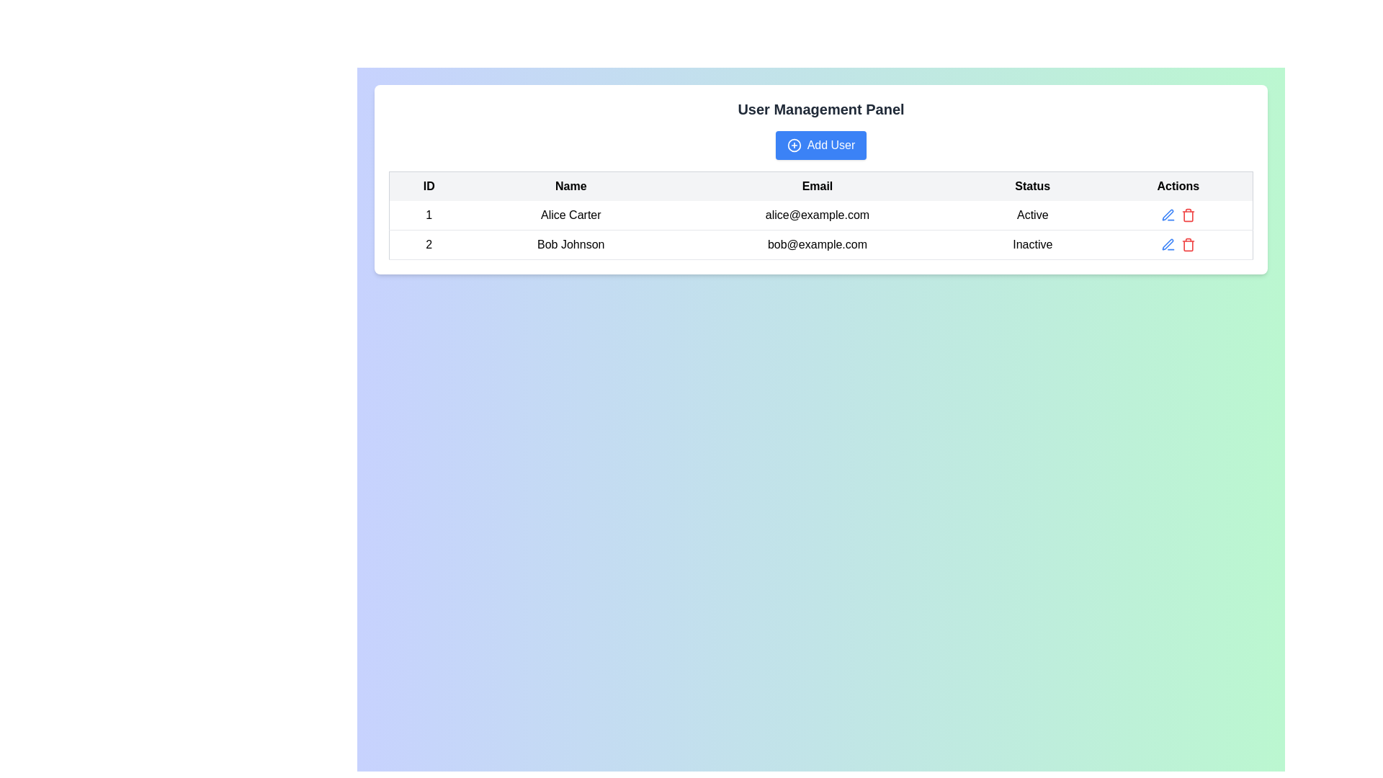  What do you see at coordinates (1168, 243) in the screenshot?
I see `the edit icon button located in the 'Actions' column of the second row corresponding to the user Bob Johnson to initiate the edit action` at bounding box center [1168, 243].